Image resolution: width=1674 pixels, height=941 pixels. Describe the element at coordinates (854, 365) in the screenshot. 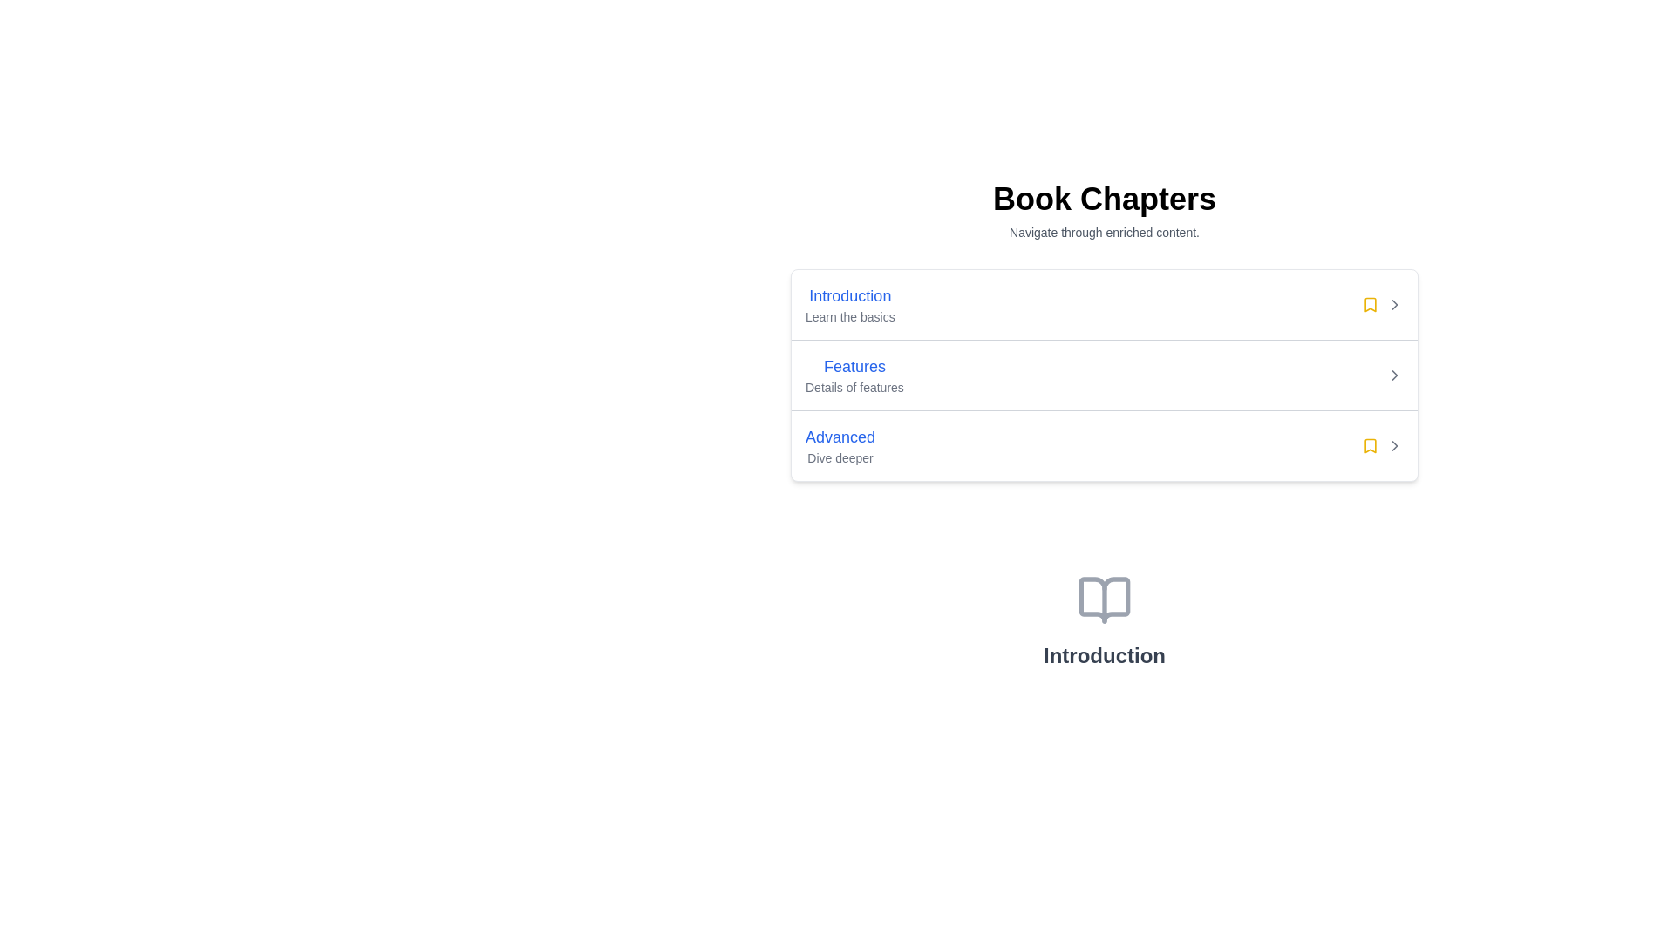

I see `the 'Features' hyperlink, styled with a large bold blue font, located as the second item in the 'Book Chapters' section` at that location.